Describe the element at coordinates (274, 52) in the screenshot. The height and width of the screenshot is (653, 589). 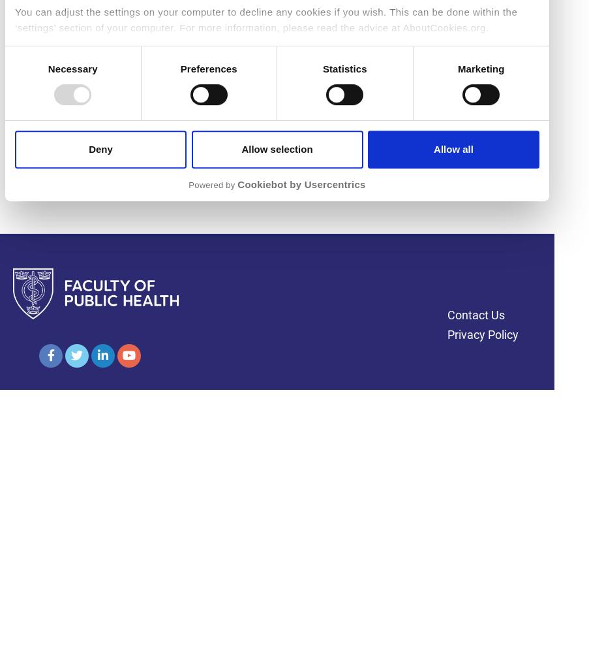
I see `'David has taught health economics in many places, to many different types of student and at many levels. He has written many published articles and book chapters and is joint author, with Stephen Morris, Nancy Devlin and Ann Spencer, of a popular textbook on health economics, ‘Economic Analysis in Health Care’, published by Wiley. His research interests are broad, but in particular include health measurement, priority setting and efficiency measurement.'` at that location.